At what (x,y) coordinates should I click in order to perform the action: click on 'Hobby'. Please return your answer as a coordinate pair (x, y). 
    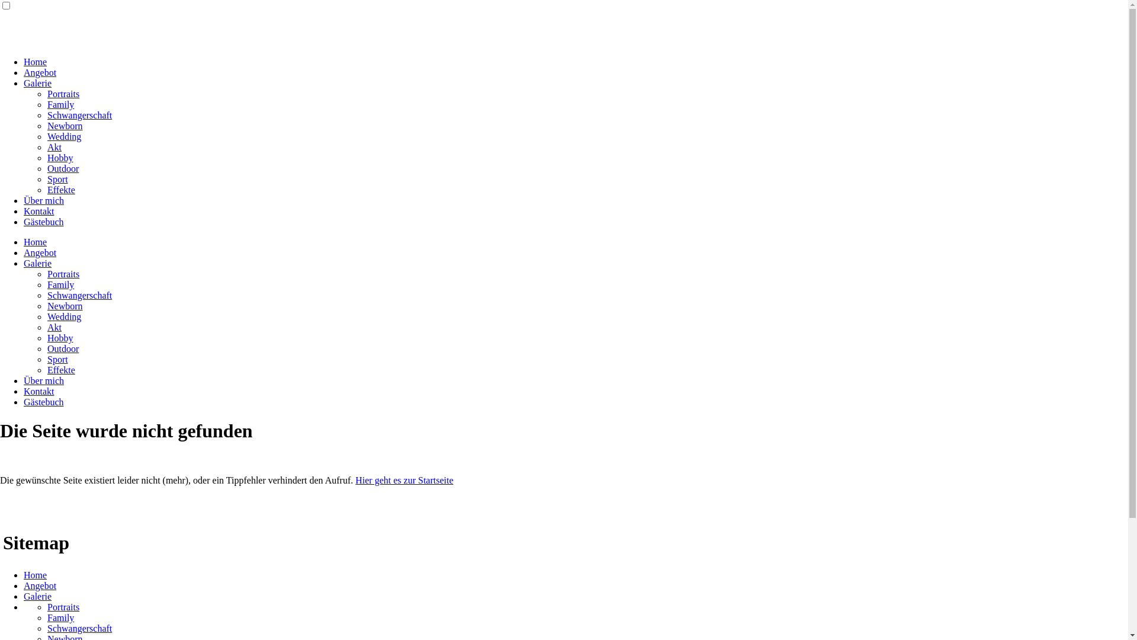
    Looking at the image, I should click on (59, 338).